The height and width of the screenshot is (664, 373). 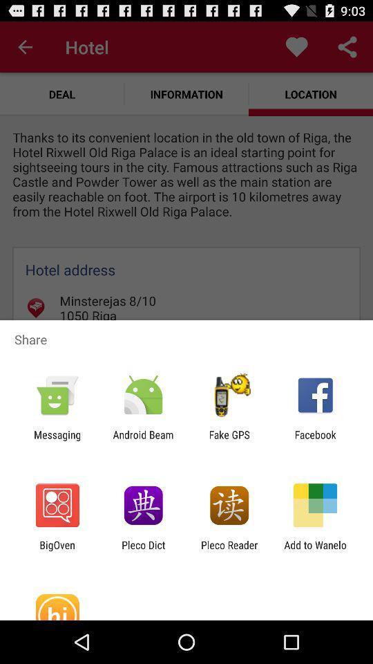 What do you see at coordinates (229, 440) in the screenshot?
I see `the icon to the left of facebook item` at bounding box center [229, 440].